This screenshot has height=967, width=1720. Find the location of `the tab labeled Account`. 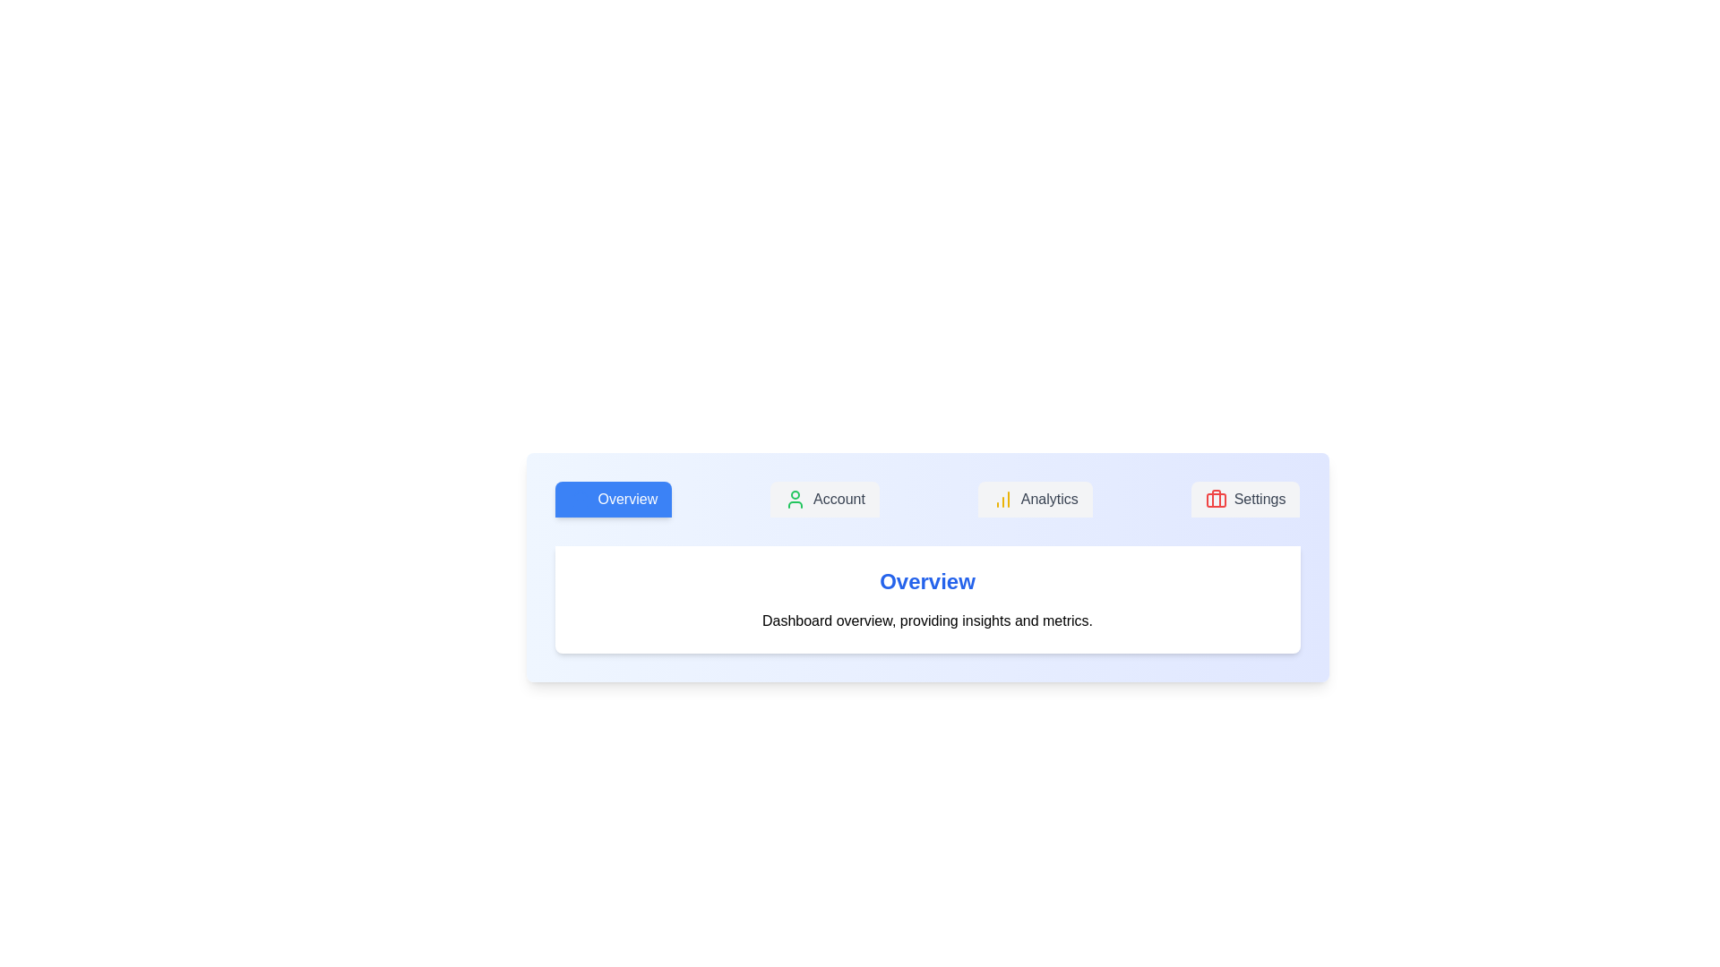

the tab labeled Account is located at coordinates (824, 500).